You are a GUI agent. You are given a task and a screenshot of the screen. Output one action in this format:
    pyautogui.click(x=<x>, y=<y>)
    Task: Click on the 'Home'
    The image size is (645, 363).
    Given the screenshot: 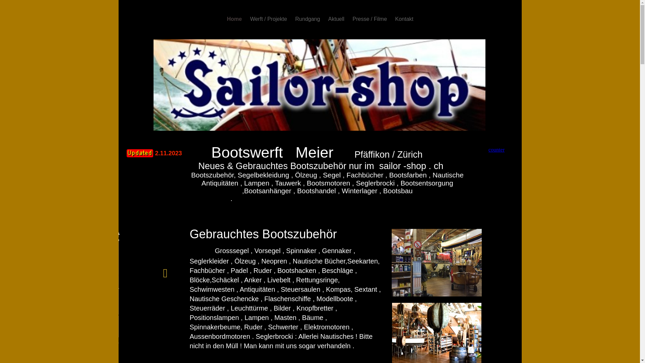 What is the action you would take?
    pyautogui.click(x=235, y=18)
    